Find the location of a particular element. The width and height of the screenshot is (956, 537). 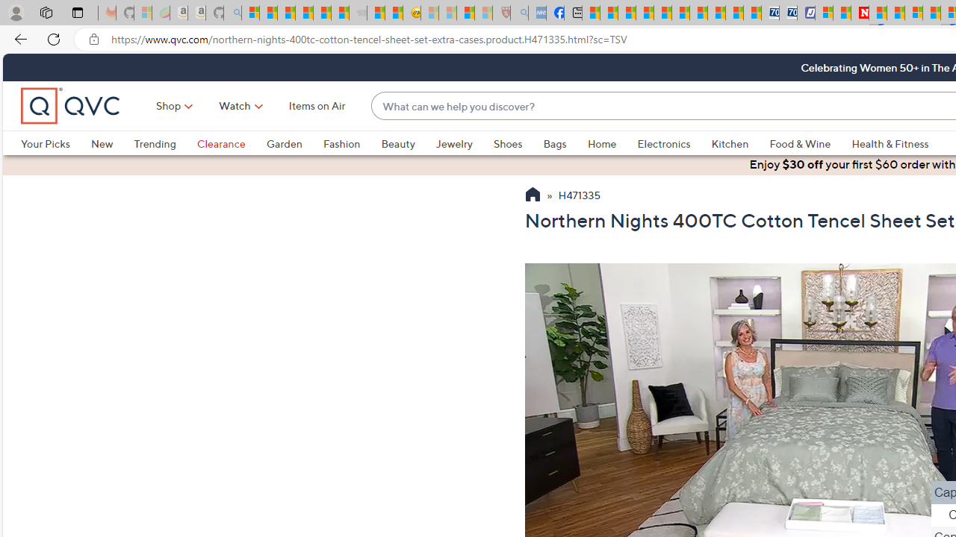

'Fashion' is located at coordinates (341, 143).